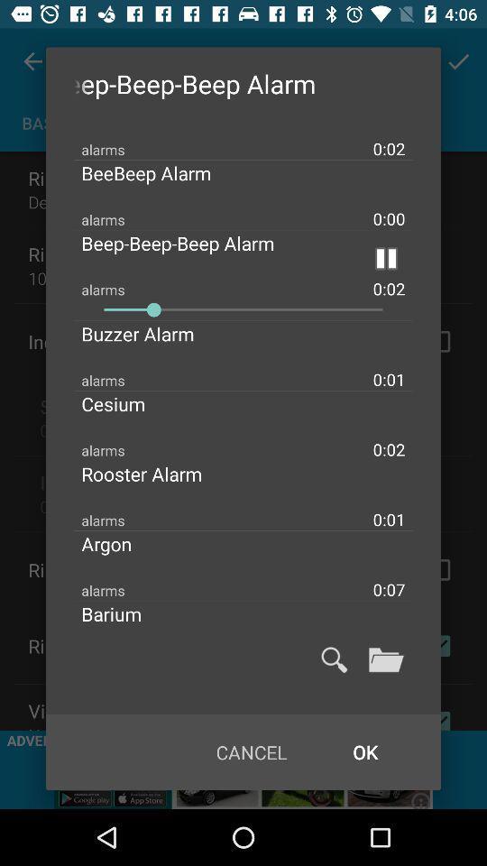 The height and width of the screenshot is (866, 487). I want to click on argon icon, so click(121, 542).